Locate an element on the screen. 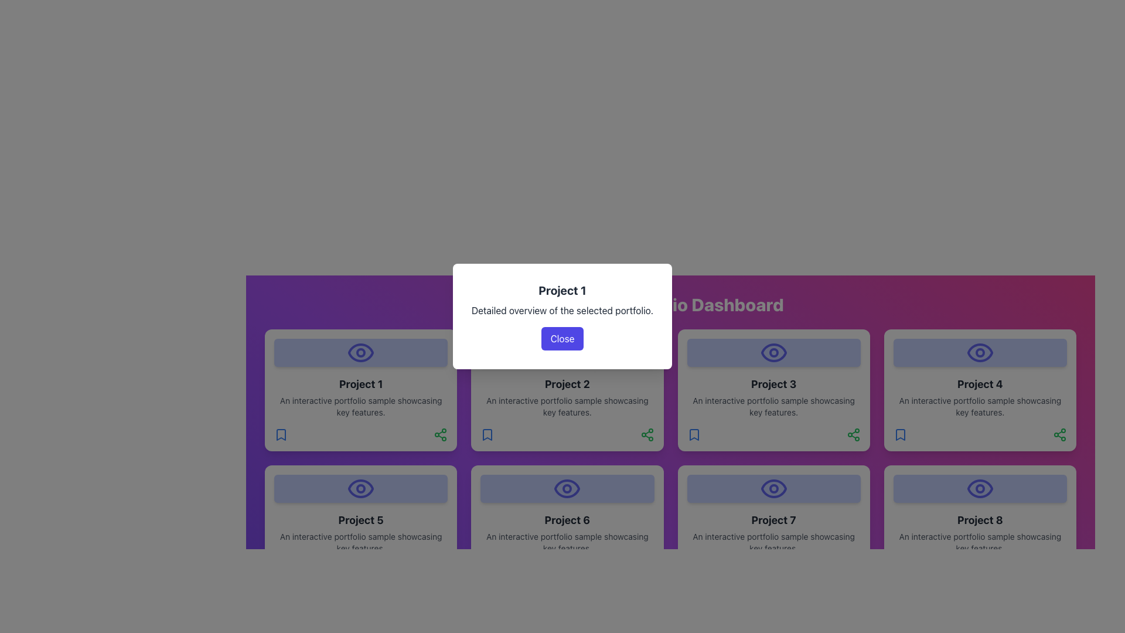 The width and height of the screenshot is (1125, 633). the viewing icon located in the upper part of the 'Project 4' card, which is positioned in the second row and second column of the grid layout is located at coordinates (980, 352).